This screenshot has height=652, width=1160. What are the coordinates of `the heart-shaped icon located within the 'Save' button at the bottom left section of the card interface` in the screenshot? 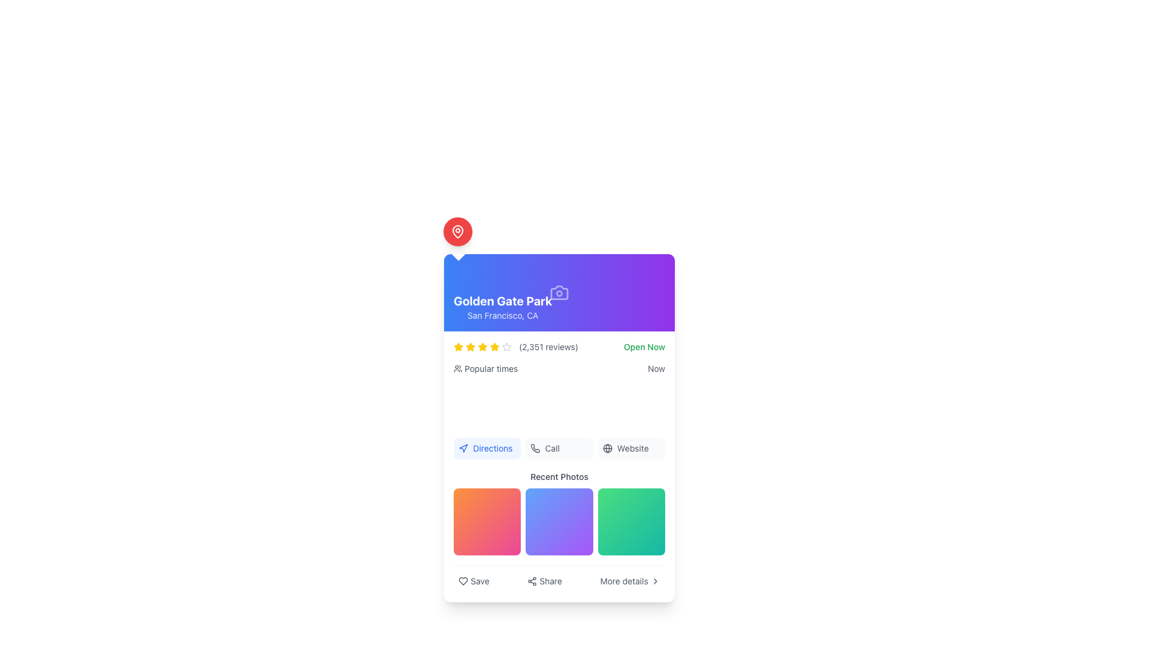 It's located at (463, 581).